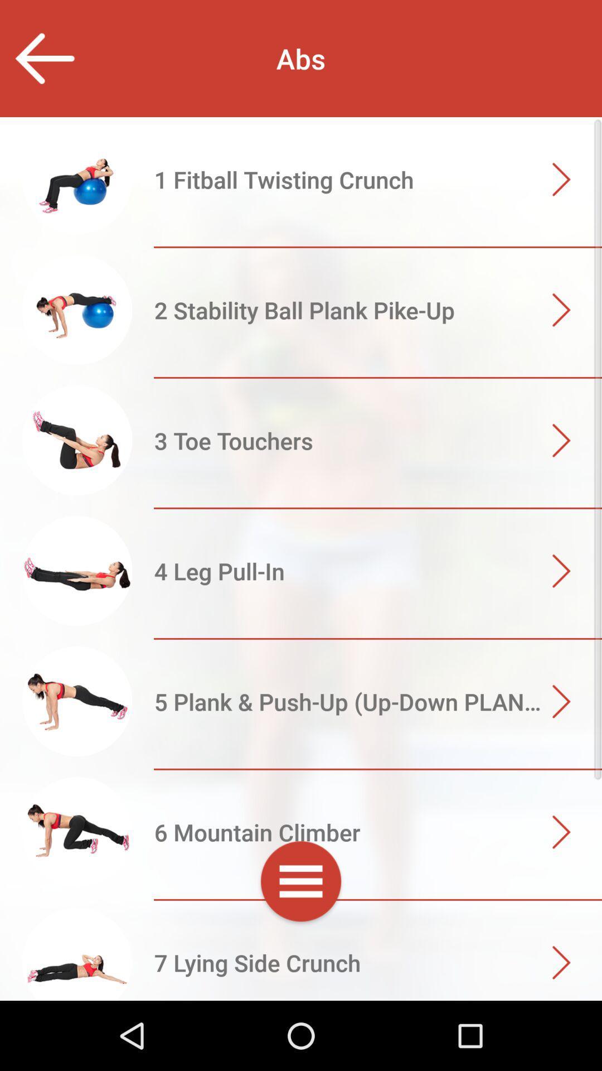 The height and width of the screenshot is (1071, 602). I want to click on go back, so click(43, 58).